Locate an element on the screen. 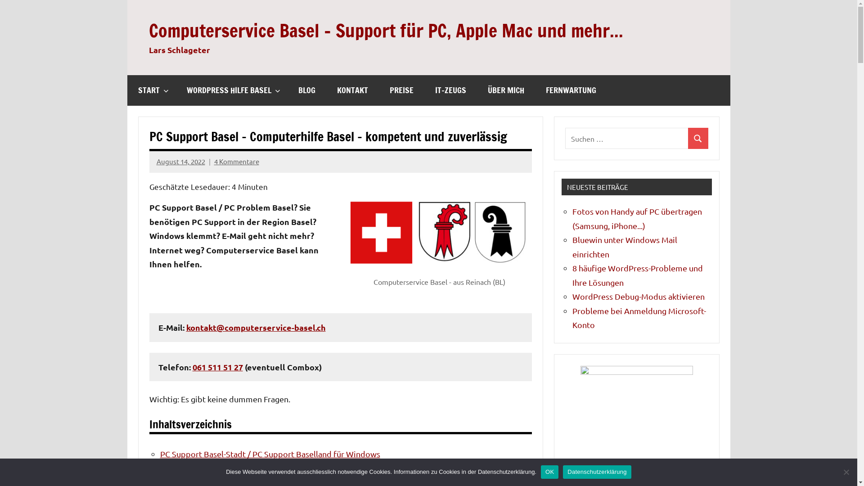  'kontakt@computerservice-basel.ch' is located at coordinates (256, 327).